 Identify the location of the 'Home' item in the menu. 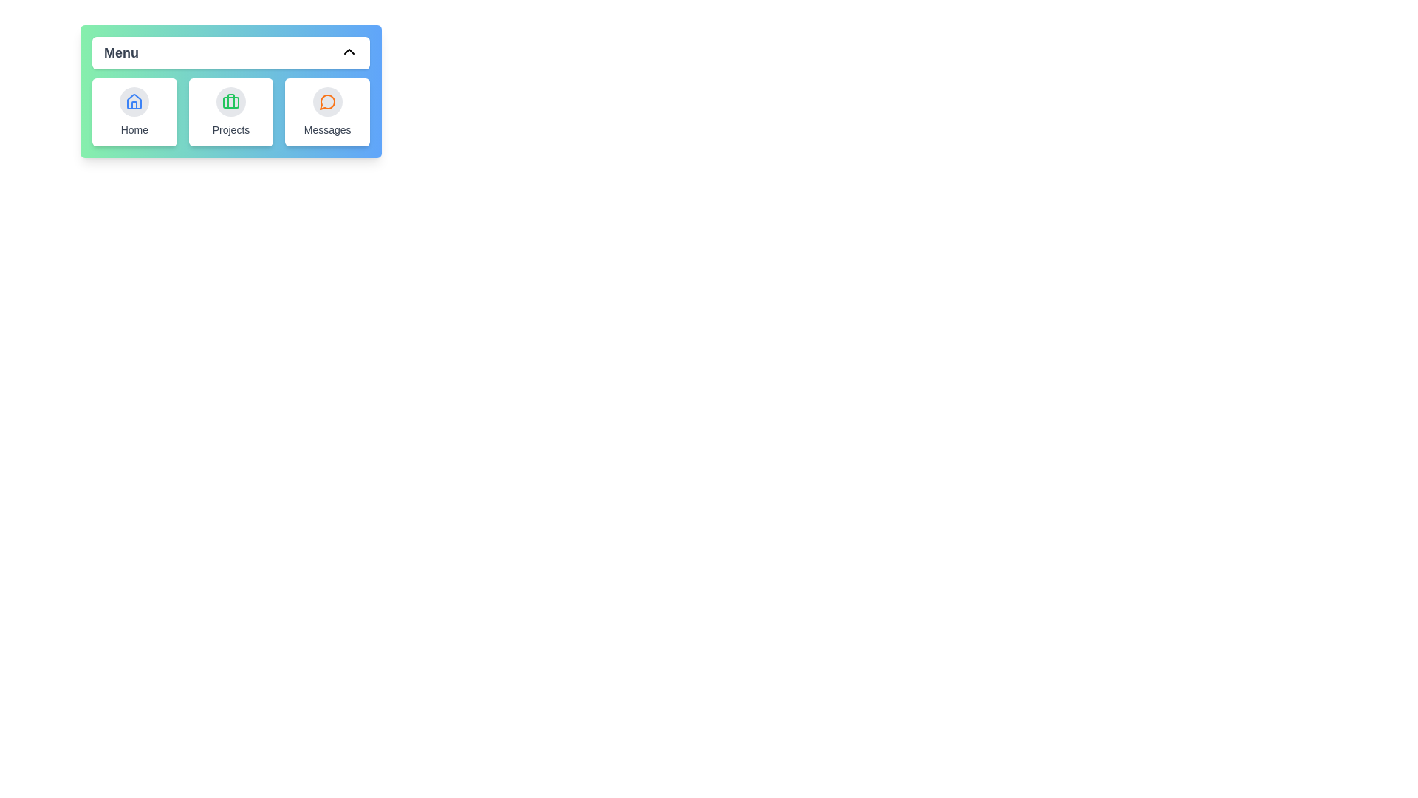
(134, 111).